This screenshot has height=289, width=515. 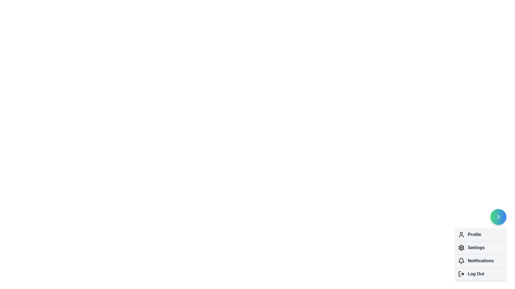 I want to click on the menu option Settings to trigger its associated action, so click(x=461, y=248).